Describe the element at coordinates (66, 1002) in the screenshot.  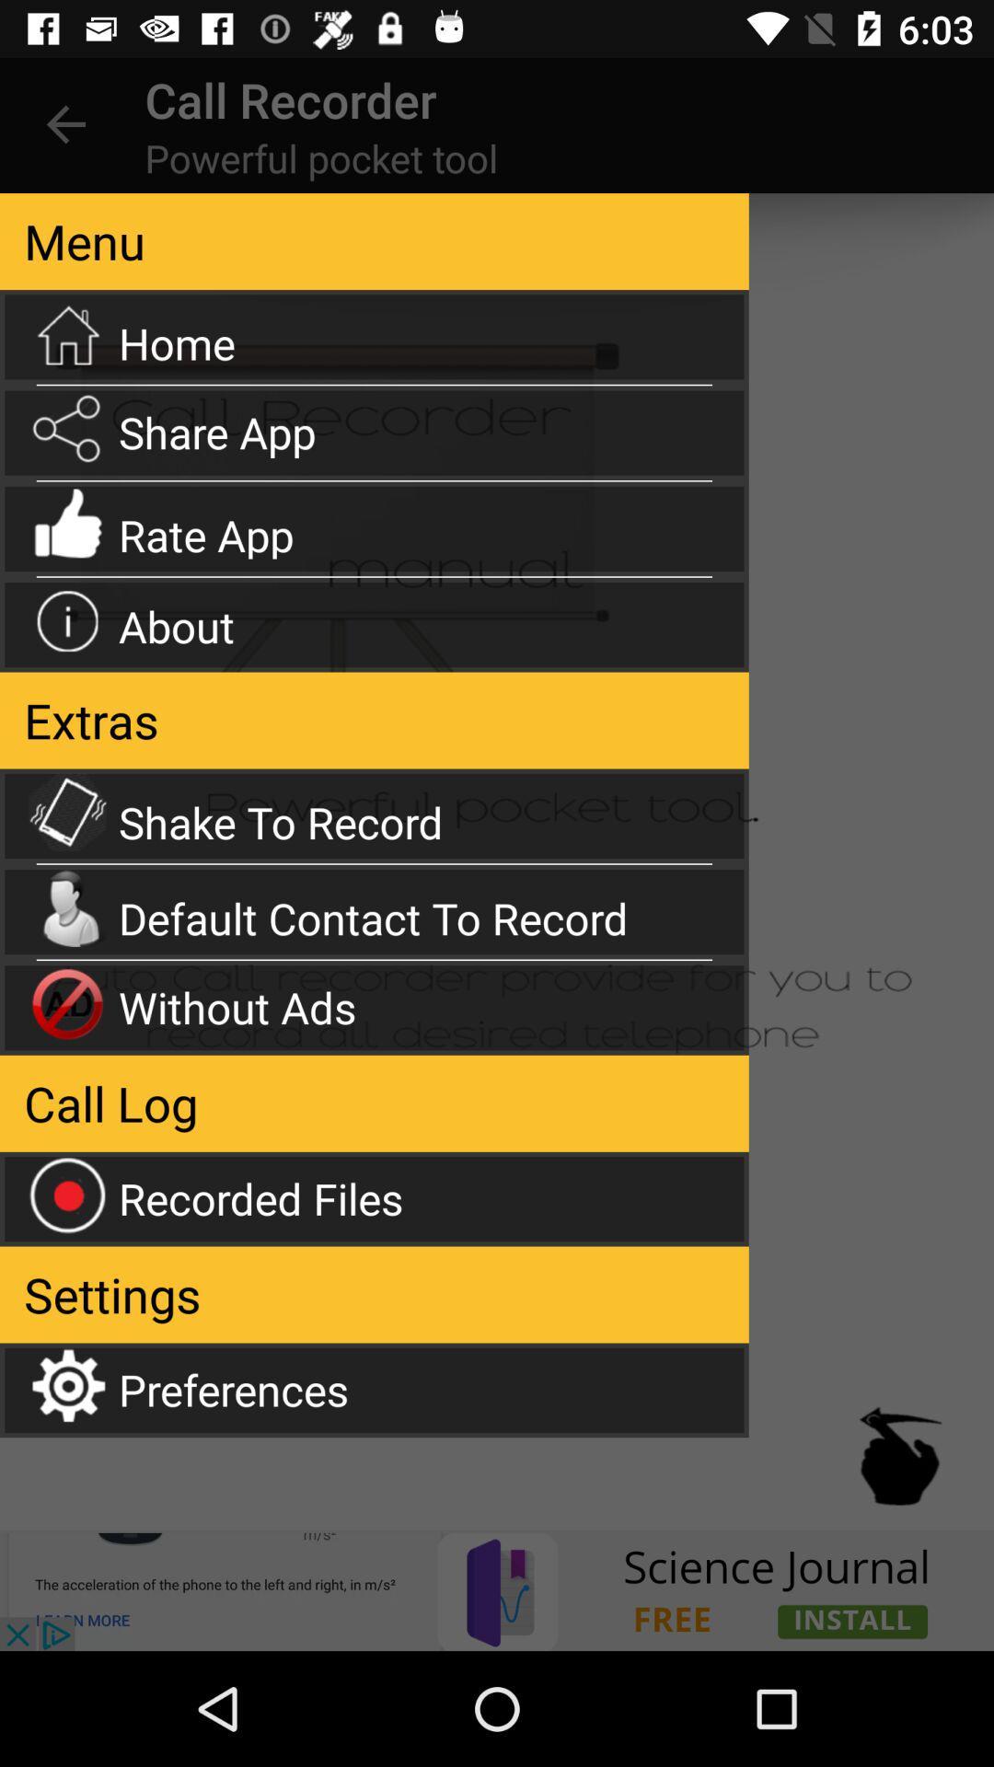
I see `the icon beside without ads` at that location.